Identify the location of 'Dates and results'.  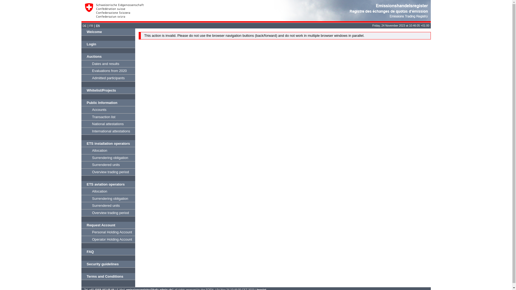
(81, 63).